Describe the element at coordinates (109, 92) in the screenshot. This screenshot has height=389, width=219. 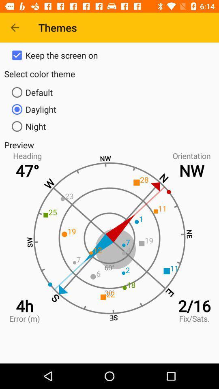
I see `icon below select color theme item` at that location.